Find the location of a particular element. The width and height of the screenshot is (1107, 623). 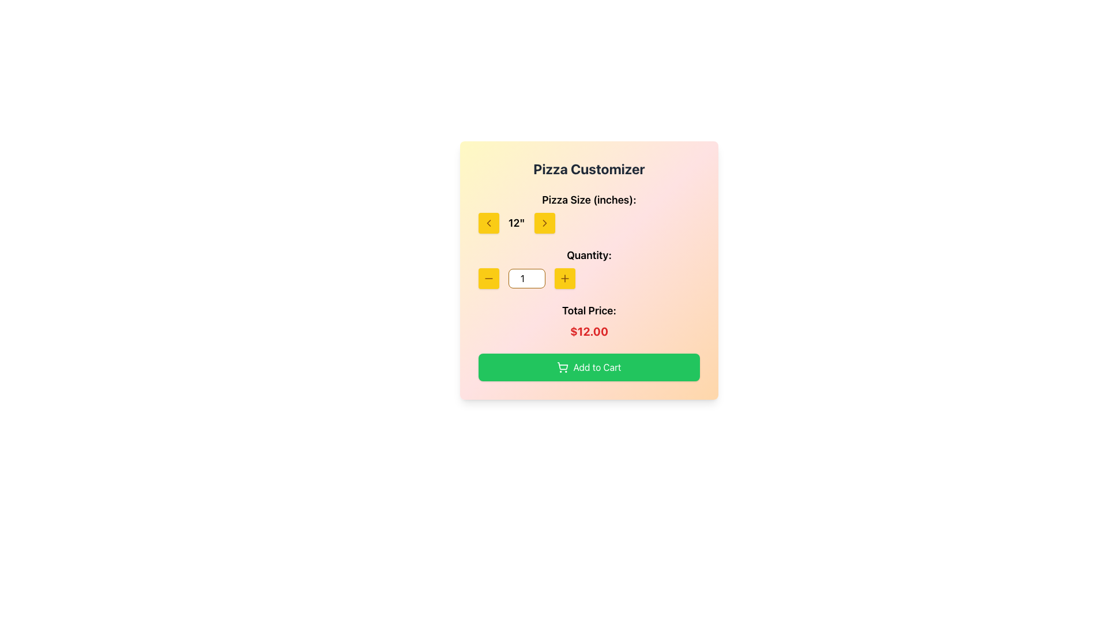

the yellow square button with a leftward pointing chevron icon, located to the left of the pizza size numeric display under the 'Pizza Size (inches)' label, for keyboard interaction is located at coordinates (489, 223).